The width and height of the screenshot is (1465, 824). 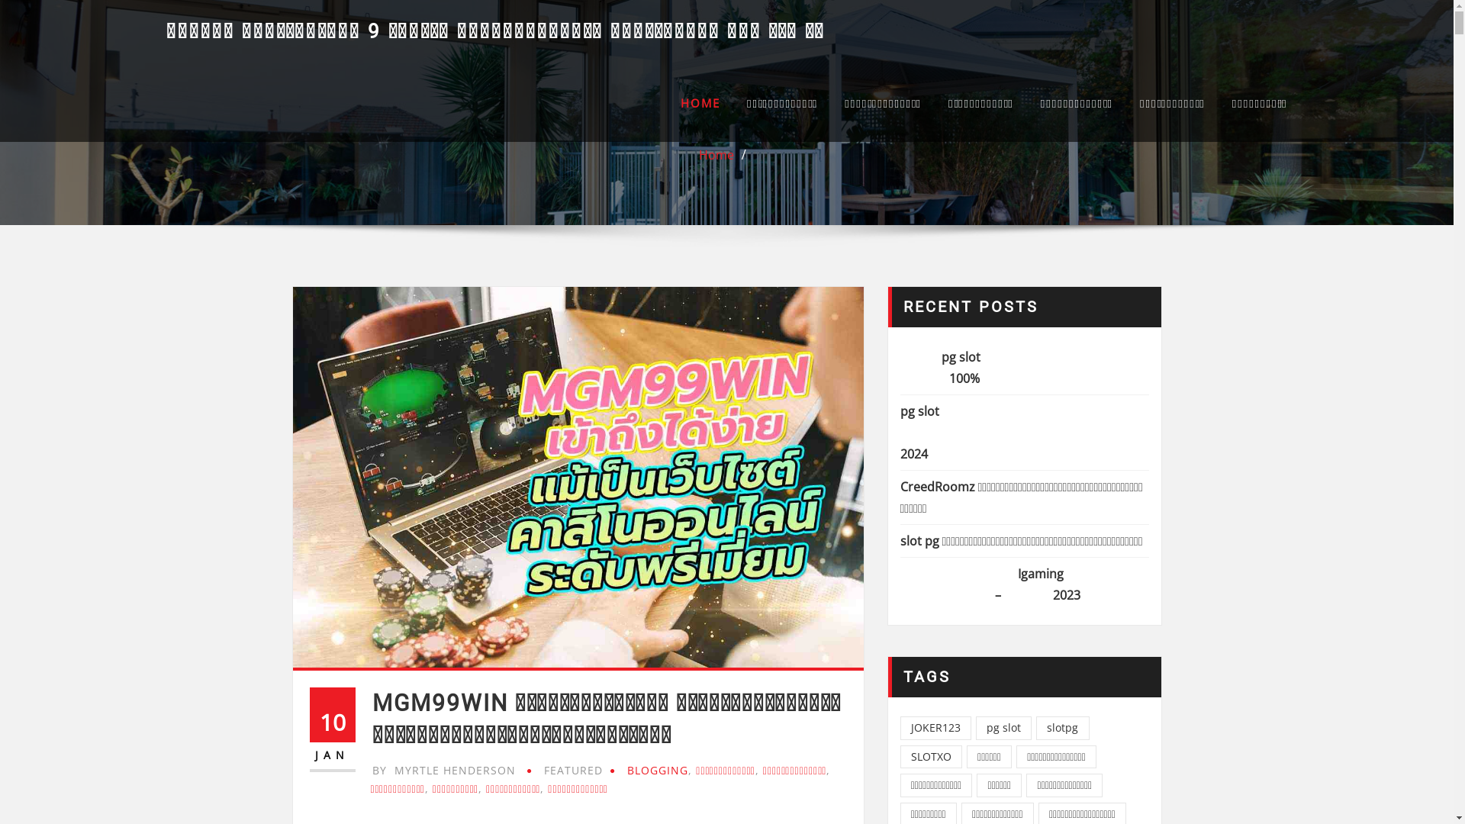 What do you see at coordinates (930, 757) in the screenshot?
I see `'SLOTXO'` at bounding box center [930, 757].